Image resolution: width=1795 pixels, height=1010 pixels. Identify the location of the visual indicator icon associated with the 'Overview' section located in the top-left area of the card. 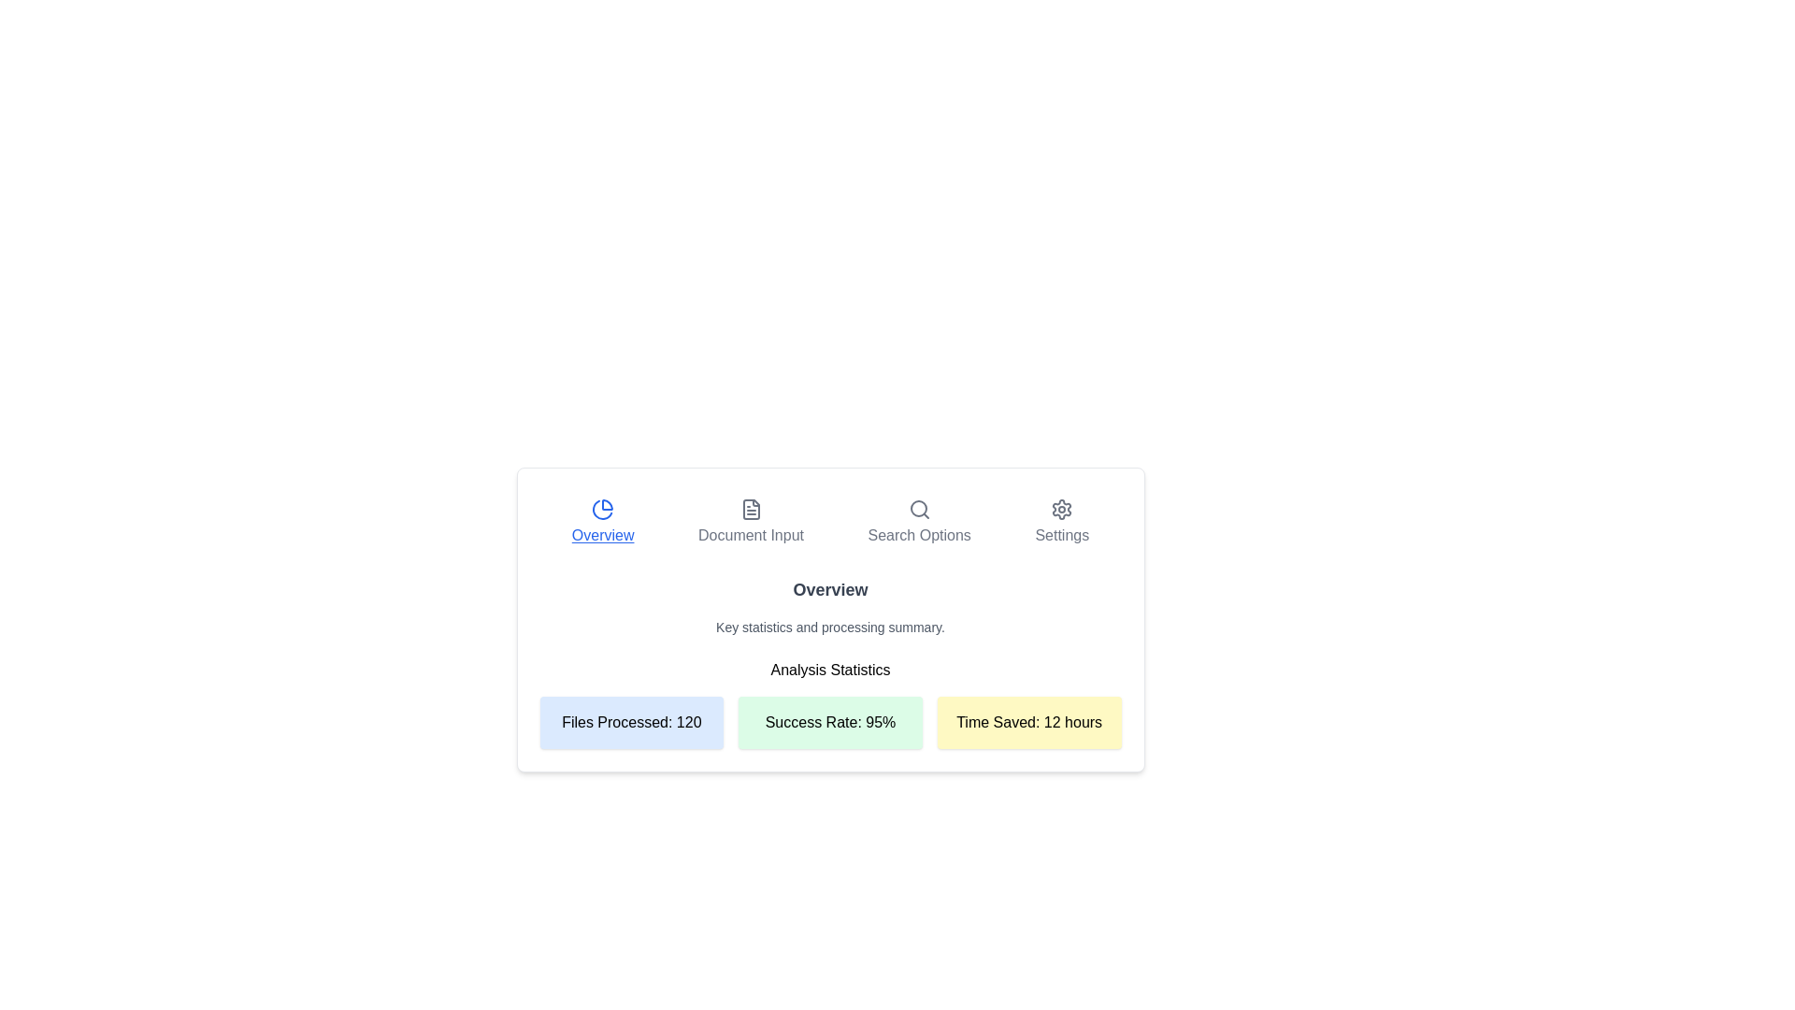
(602, 509).